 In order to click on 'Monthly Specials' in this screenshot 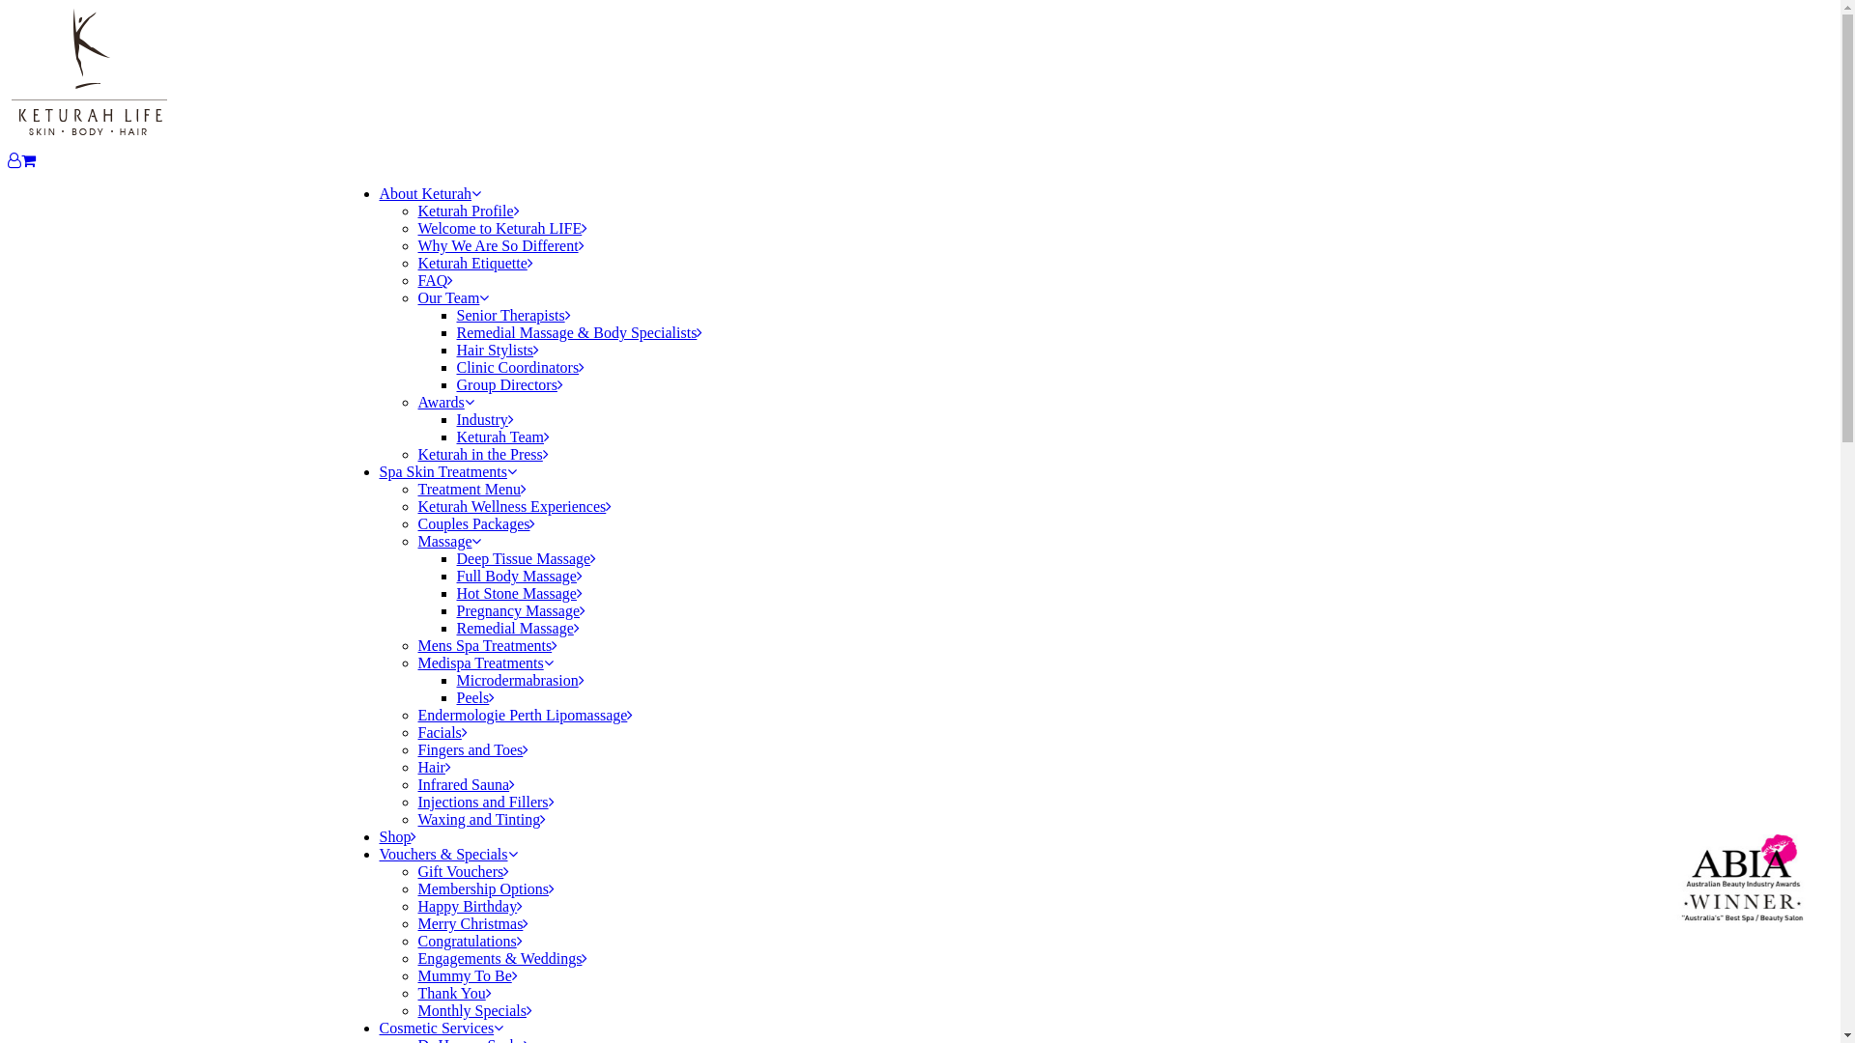, I will do `click(416, 1009)`.